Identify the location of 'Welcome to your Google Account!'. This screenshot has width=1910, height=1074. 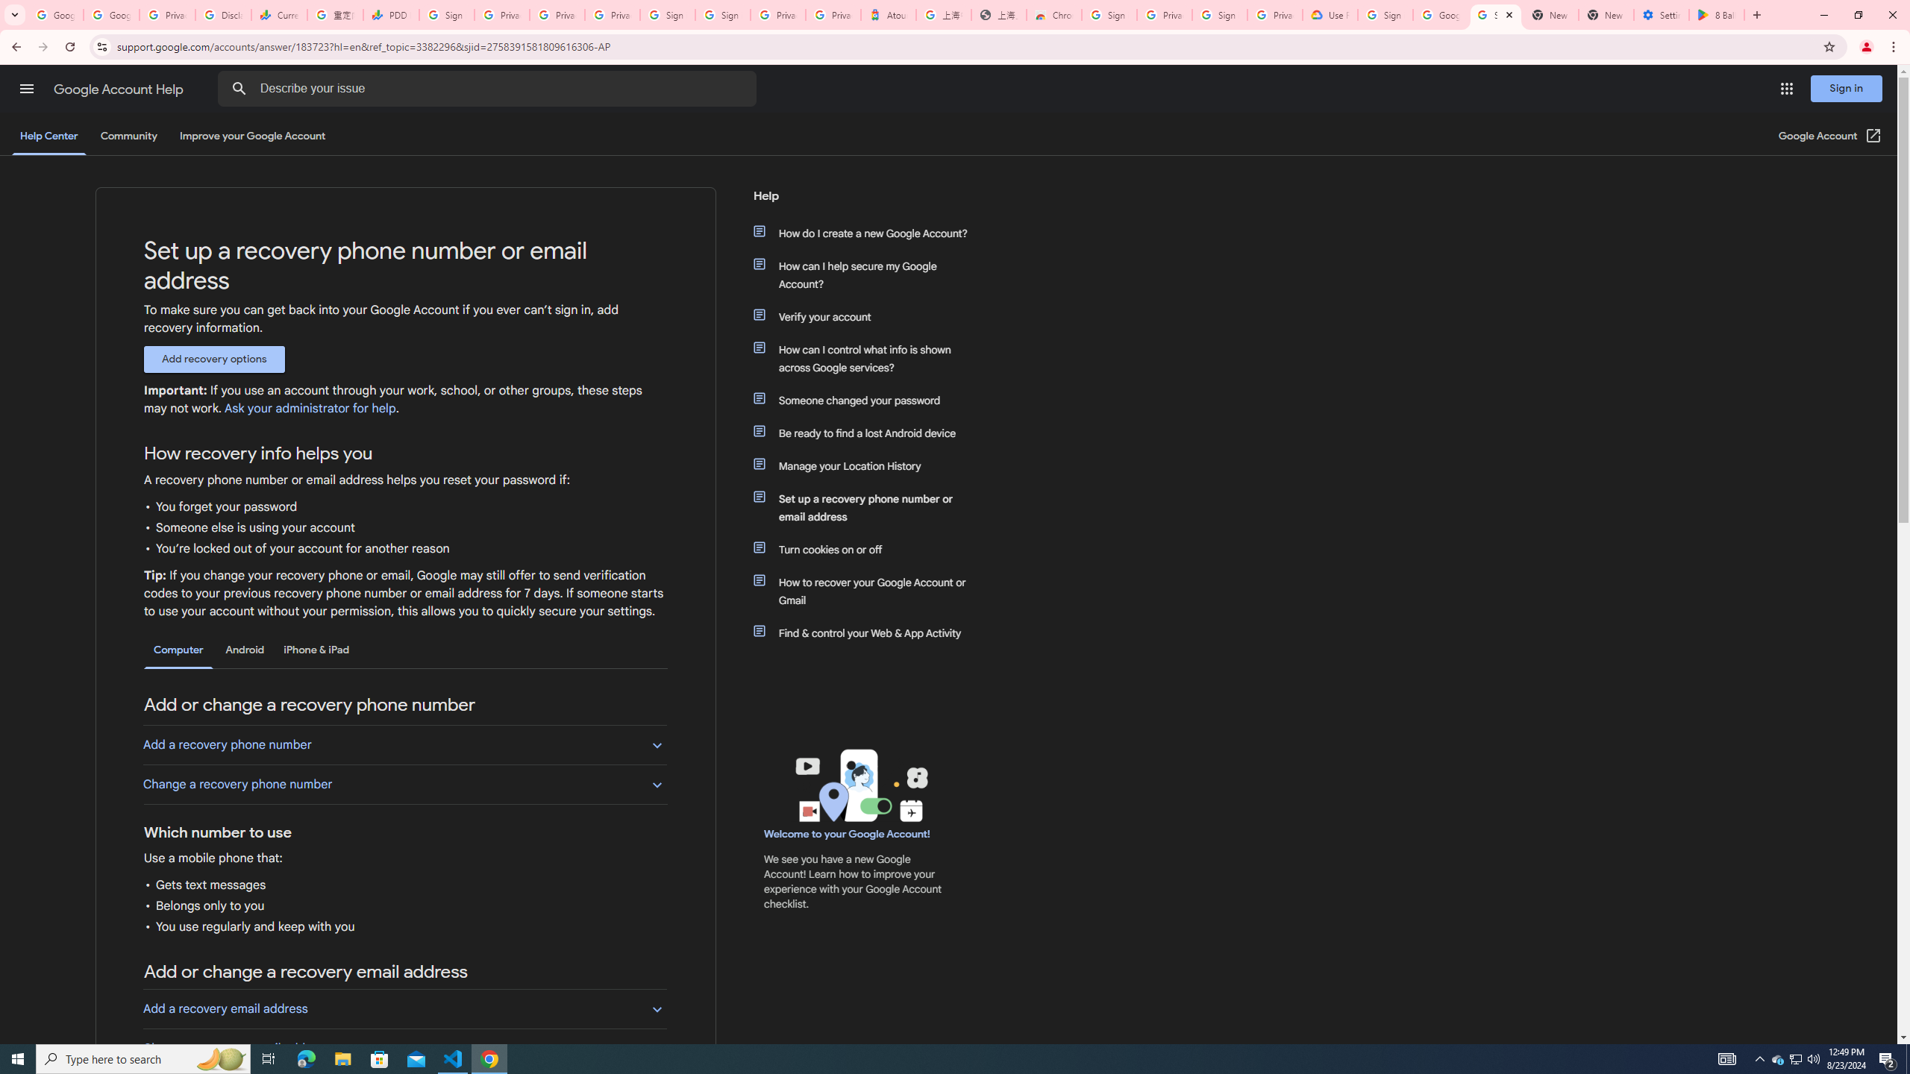
(846, 834).